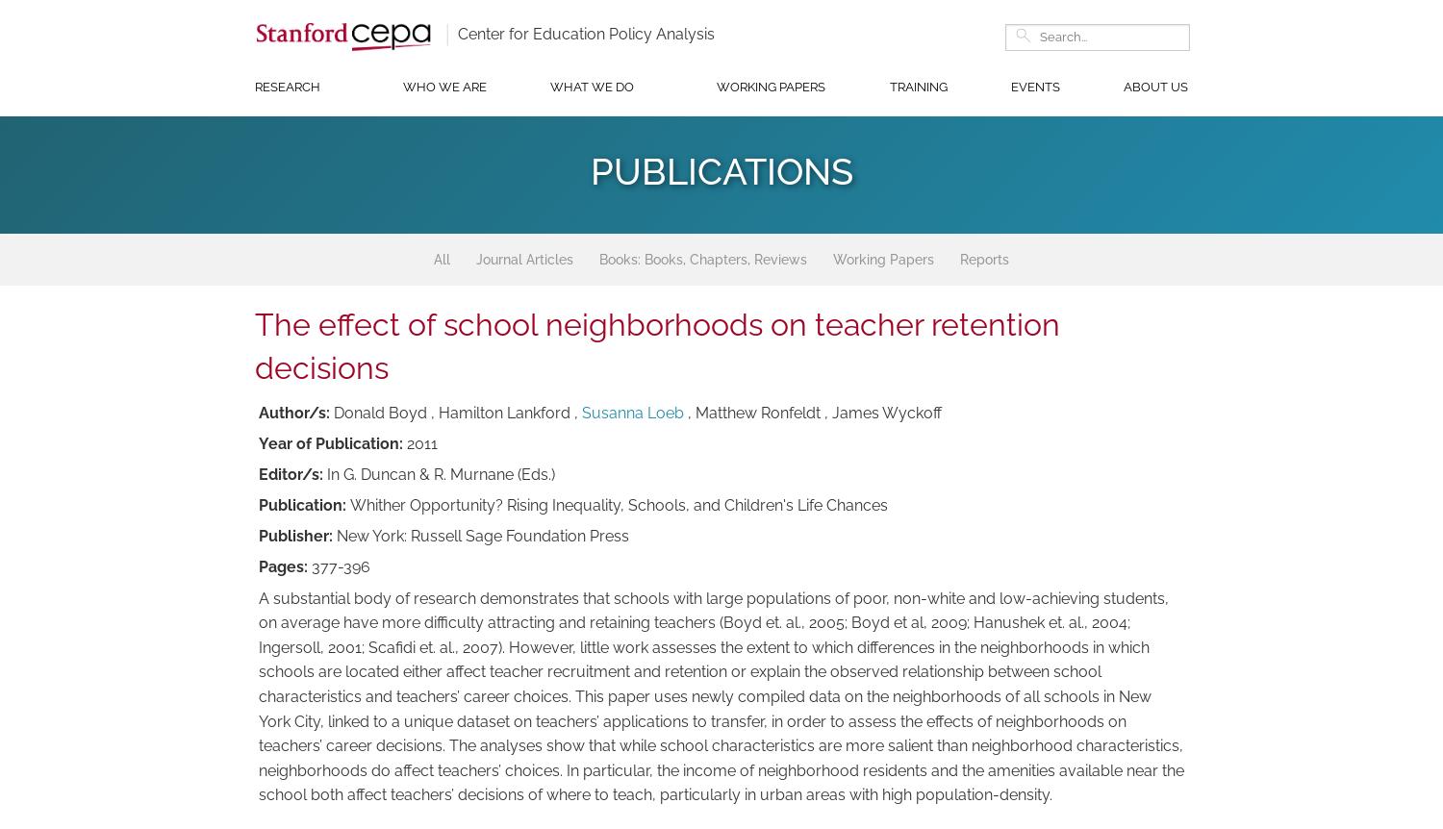 This screenshot has width=1443, height=829. What do you see at coordinates (303, 503) in the screenshot?
I see `'Publication:'` at bounding box center [303, 503].